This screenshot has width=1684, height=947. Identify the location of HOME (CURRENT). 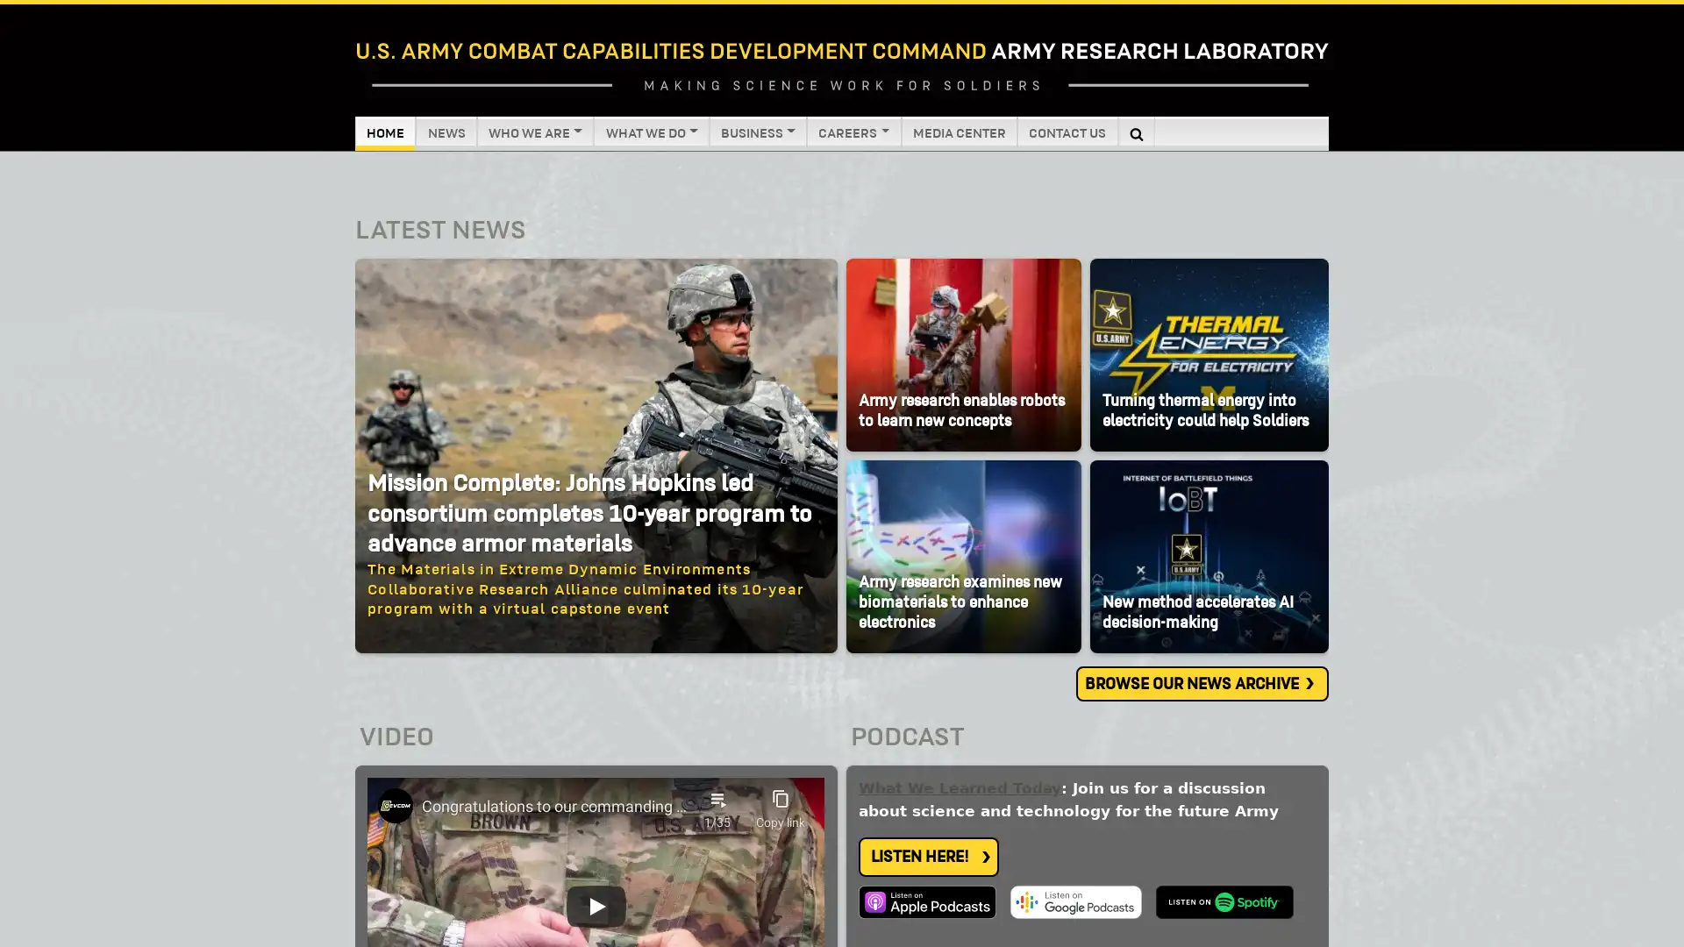
(384, 132).